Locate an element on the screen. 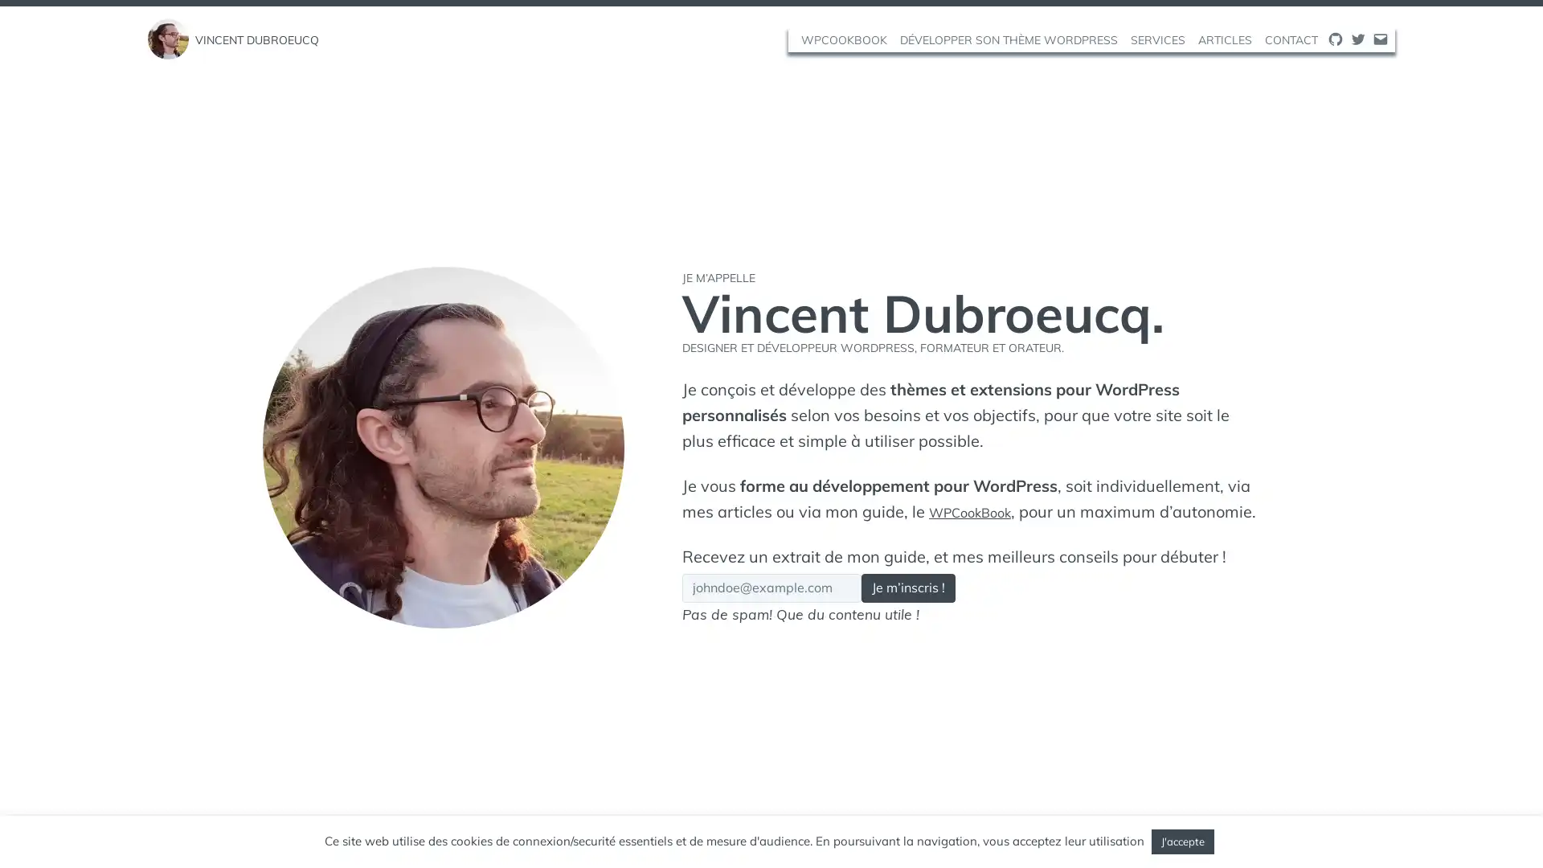 The image size is (1543, 868). J'accepte is located at coordinates (1183, 841).